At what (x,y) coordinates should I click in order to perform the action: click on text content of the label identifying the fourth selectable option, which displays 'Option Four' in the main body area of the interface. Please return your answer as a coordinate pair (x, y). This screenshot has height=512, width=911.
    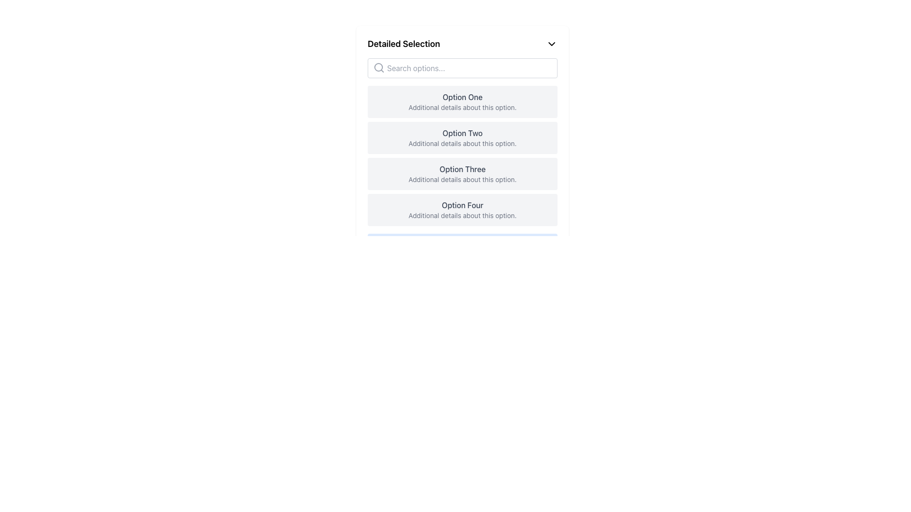
    Looking at the image, I should click on (462, 204).